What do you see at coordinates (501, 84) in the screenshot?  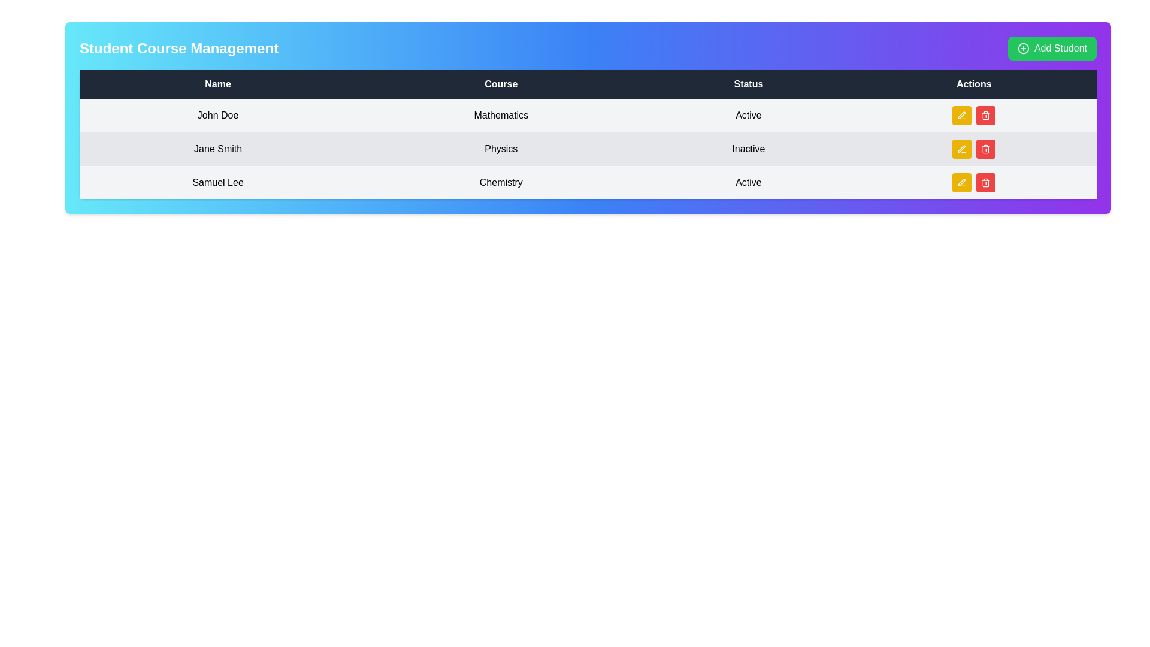 I see `the static text label 'Course' in the table header, which is the second column header positioned between 'Name' and 'Status'` at bounding box center [501, 84].